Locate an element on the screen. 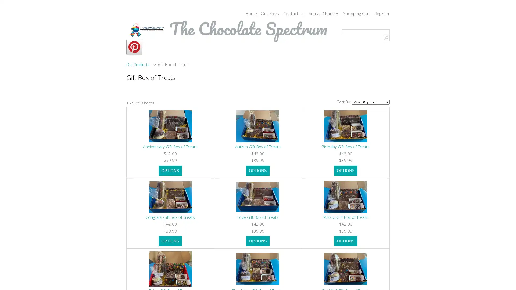  Options is located at coordinates (257, 171).